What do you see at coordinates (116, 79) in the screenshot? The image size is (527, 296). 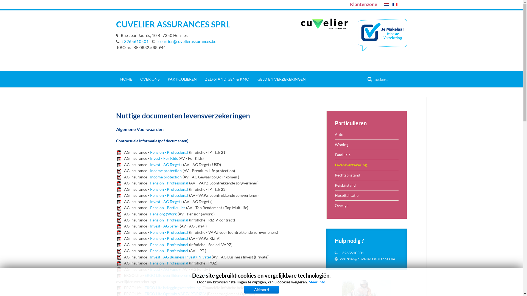 I see `'HOME'` at bounding box center [116, 79].